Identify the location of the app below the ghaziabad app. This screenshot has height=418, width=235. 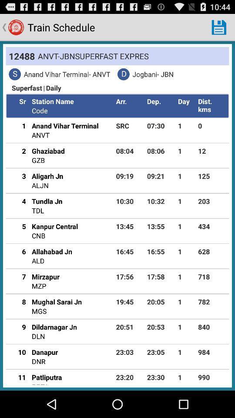
(38, 160).